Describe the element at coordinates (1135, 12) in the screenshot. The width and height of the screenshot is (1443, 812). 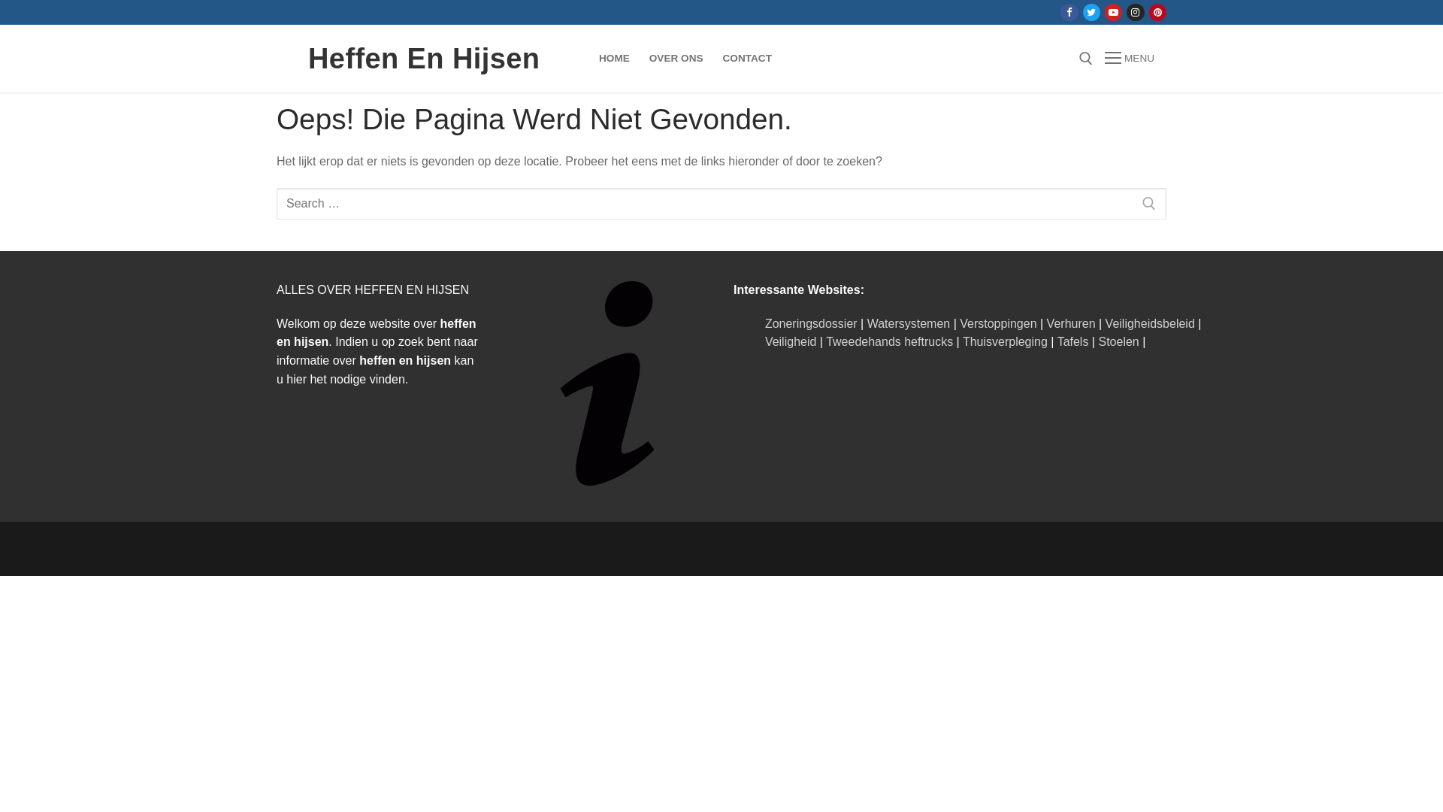
I see `'Instagram'` at that location.